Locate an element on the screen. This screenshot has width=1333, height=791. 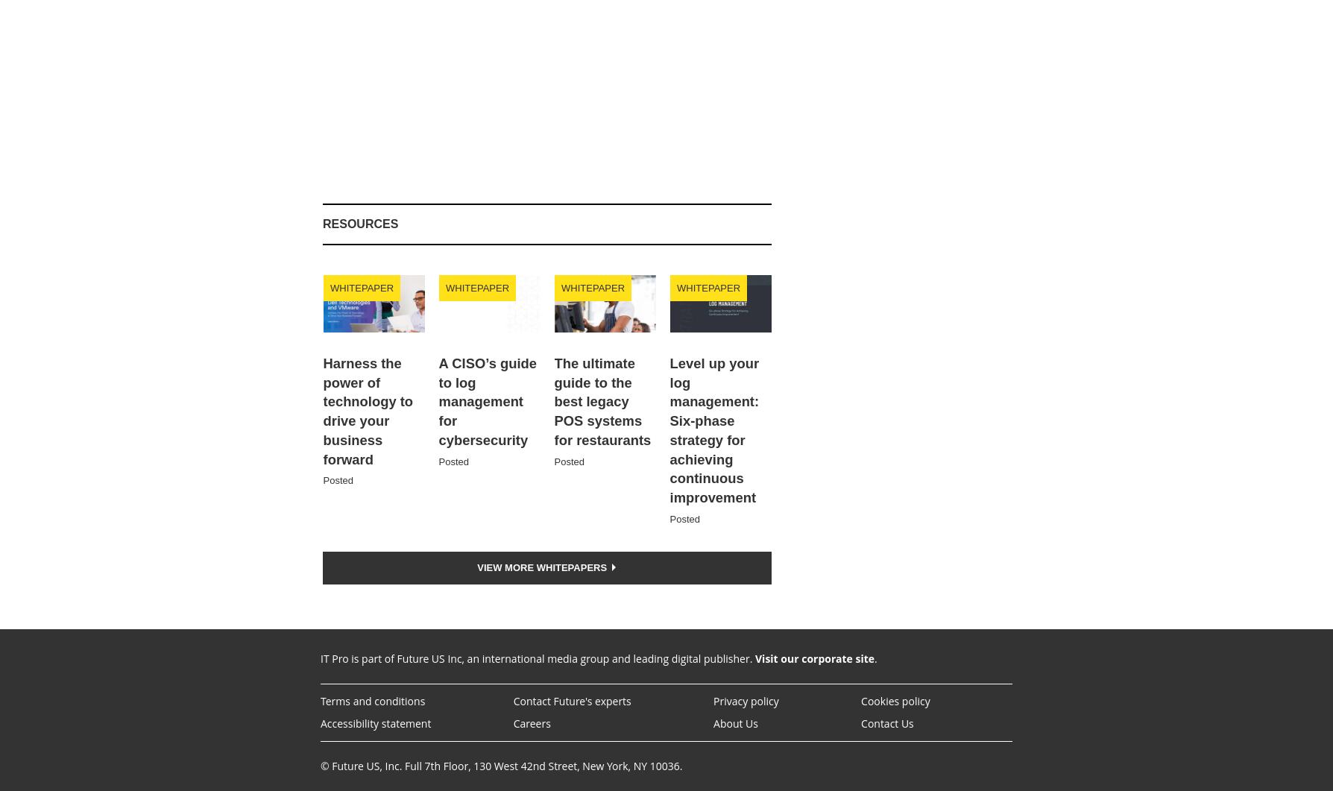
'Terms and conditions' is located at coordinates (372, 699).